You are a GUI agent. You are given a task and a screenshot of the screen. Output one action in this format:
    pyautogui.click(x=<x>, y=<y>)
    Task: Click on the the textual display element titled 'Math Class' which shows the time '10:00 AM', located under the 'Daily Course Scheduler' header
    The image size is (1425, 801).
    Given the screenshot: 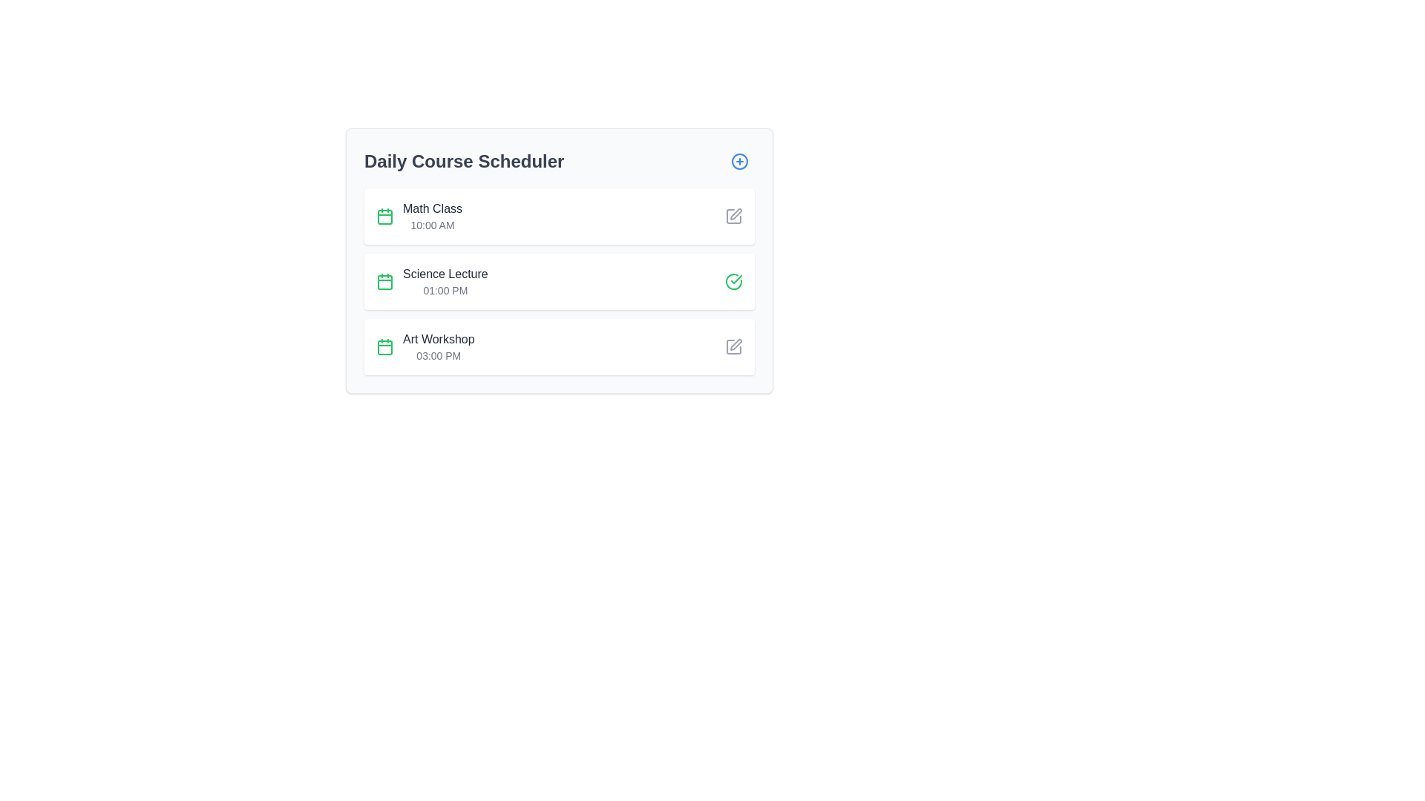 What is the action you would take?
    pyautogui.click(x=432, y=217)
    